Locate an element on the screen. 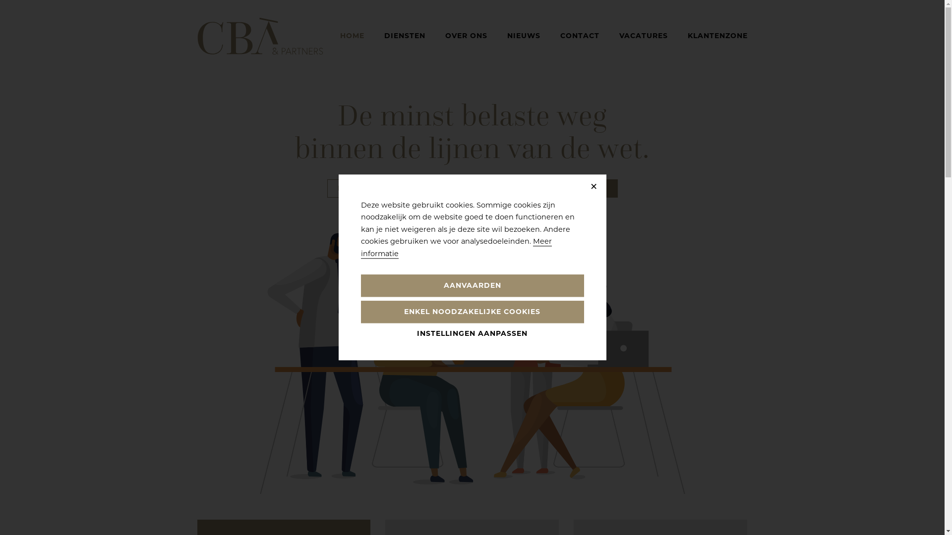 The height and width of the screenshot is (535, 952). 'KLANTENZONE' is located at coordinates (717, 35).